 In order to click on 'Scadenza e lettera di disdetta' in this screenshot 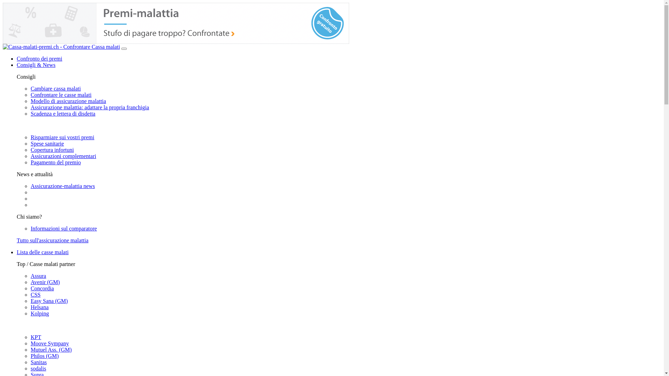, I will do `click(30, 113)`.